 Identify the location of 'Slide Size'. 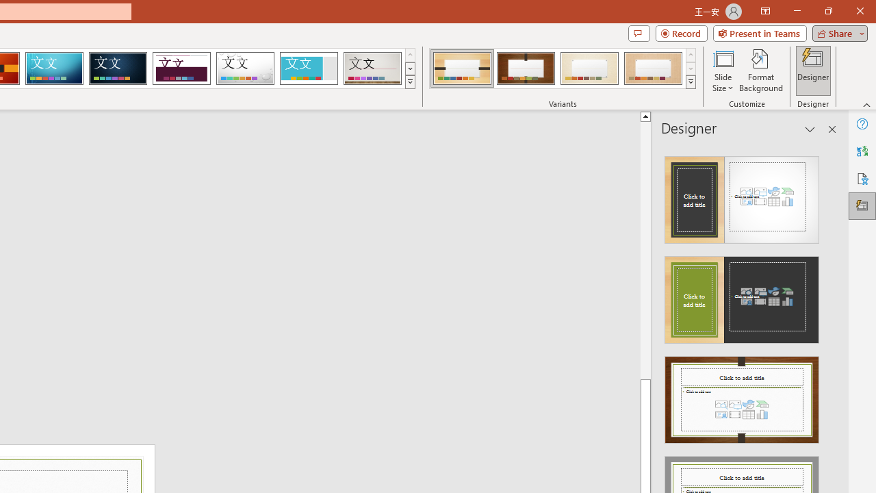
(722, 71).